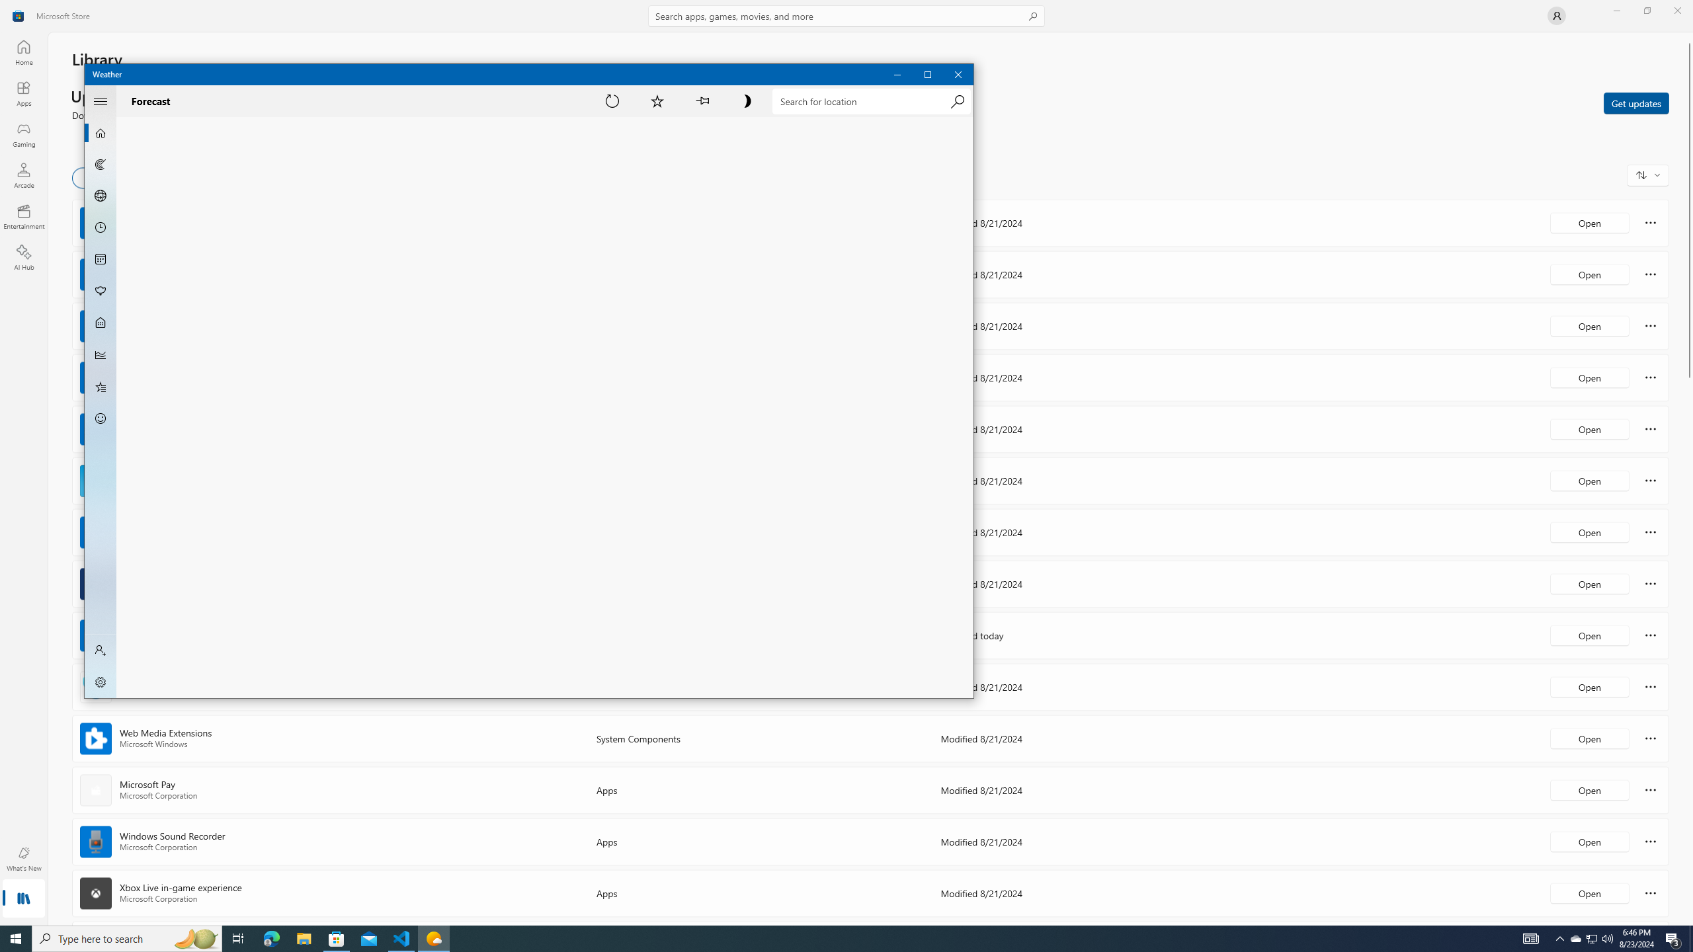 The image size is (1693, 952). I want to click on 'Sort and filter', so click(1647, 175).